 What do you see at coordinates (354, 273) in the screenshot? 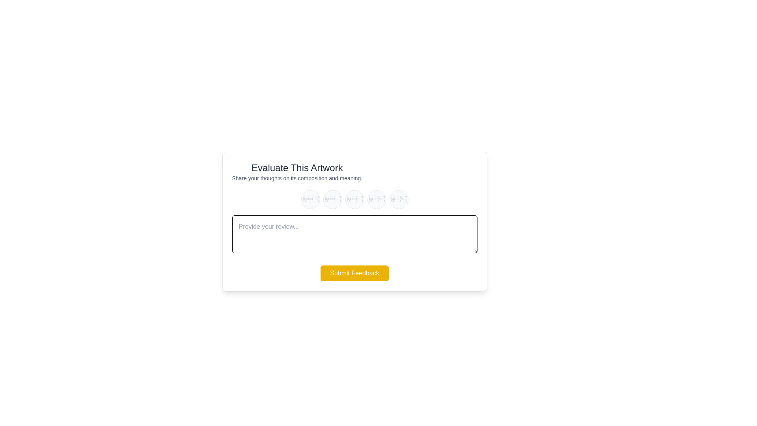
I see `the 'Submit Feedback' button` at bounding box center [354, 273].